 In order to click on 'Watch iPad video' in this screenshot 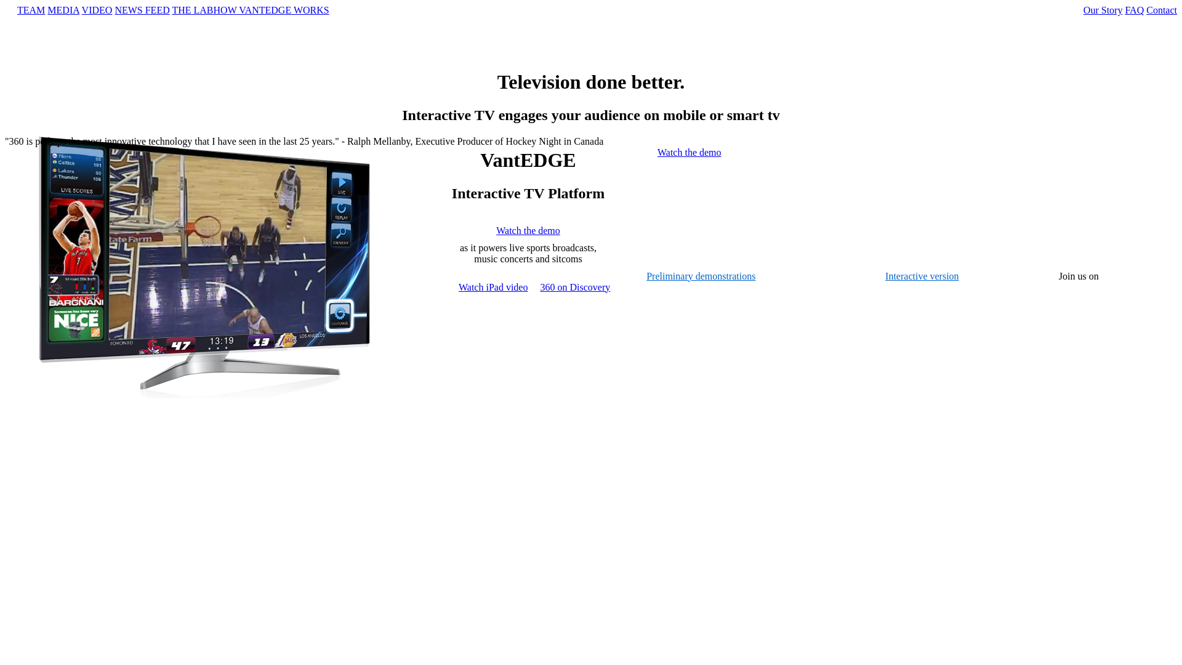, I will do `click(493, 287)`.